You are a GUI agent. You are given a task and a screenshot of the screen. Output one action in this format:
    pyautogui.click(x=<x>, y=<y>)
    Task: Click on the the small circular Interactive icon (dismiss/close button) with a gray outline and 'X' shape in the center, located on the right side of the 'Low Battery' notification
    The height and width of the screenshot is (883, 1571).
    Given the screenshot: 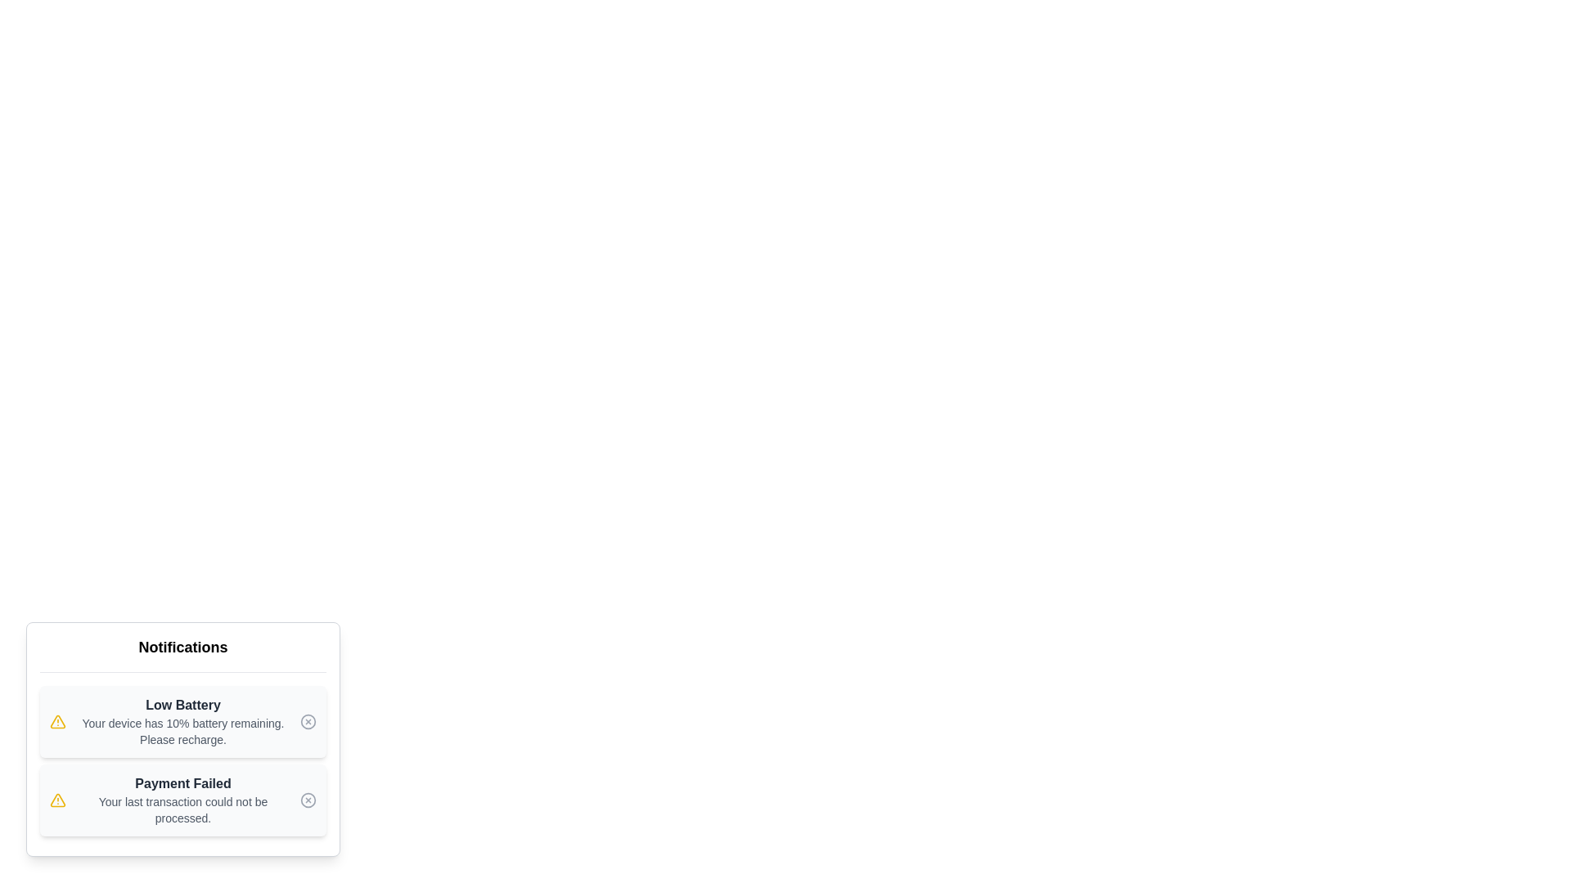 What is the action you would take?
    pyautogui.click(x=308, y=721)
    